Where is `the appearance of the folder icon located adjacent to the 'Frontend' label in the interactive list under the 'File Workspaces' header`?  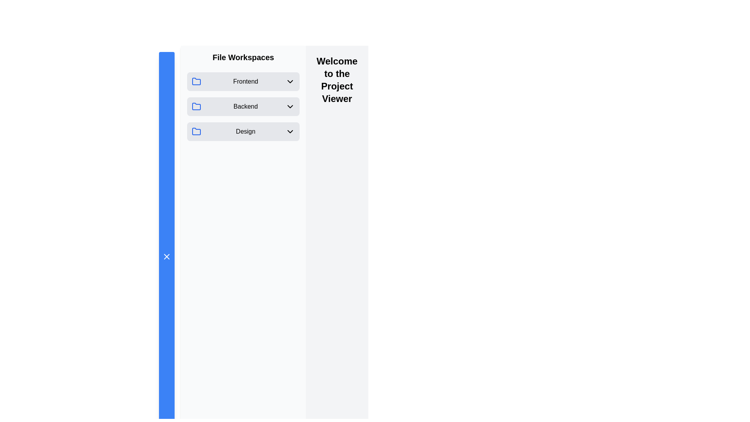
the appearance of the folder icon located adjacent to the 'Frontend' label in the interactive list under the 'File Workspaces' header is located at coordinates (196, 81).